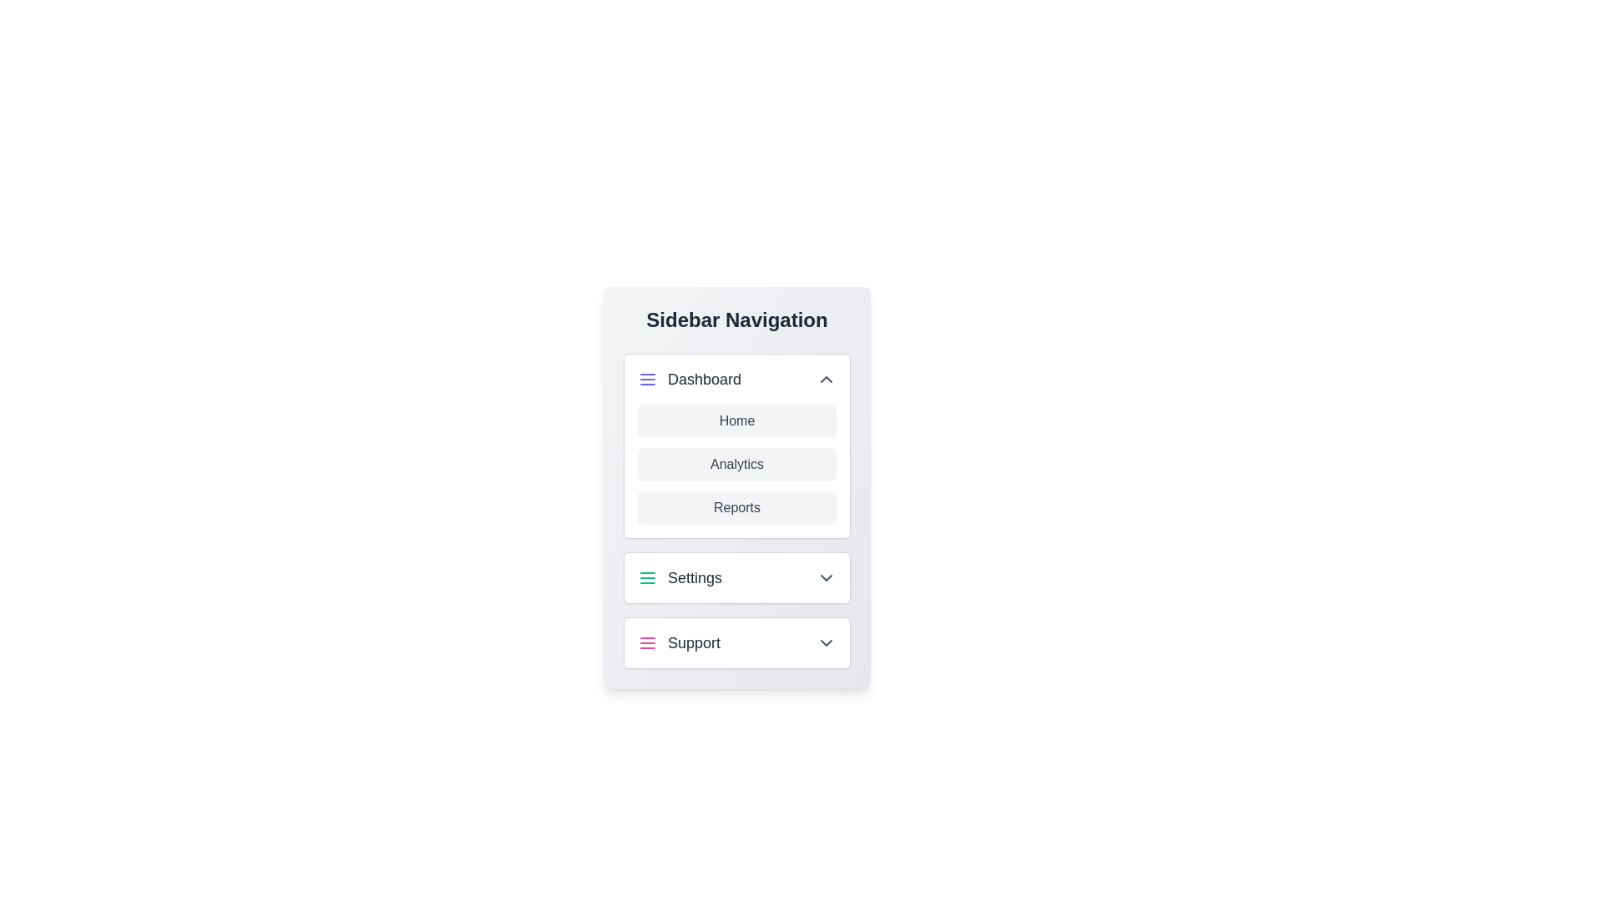 The width and height of the screenshot is (1603, 901). I want to click on the 'Analytics' button located in the second row of the navigational menu under the 'Dashboard' collapsible section, so click(736, 464).